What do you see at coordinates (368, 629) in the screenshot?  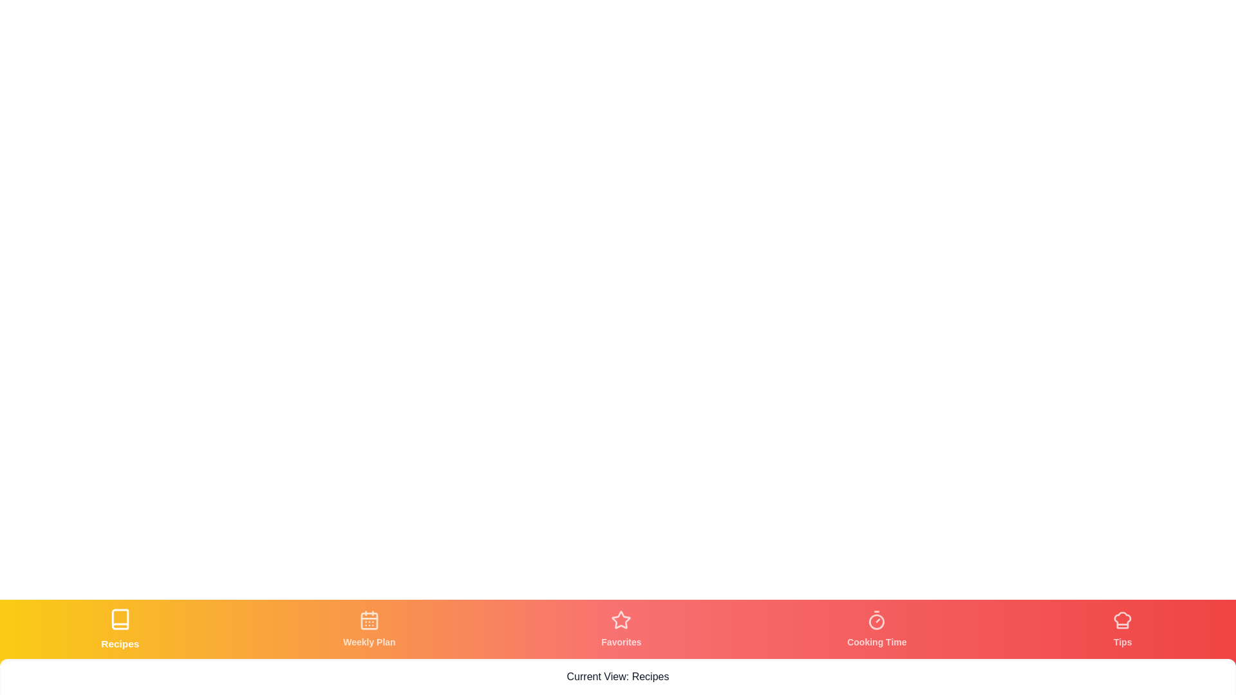 I see `the tab corresponding to Weekly Plan by clicking its icon or label` at bounding box center [368, 629].